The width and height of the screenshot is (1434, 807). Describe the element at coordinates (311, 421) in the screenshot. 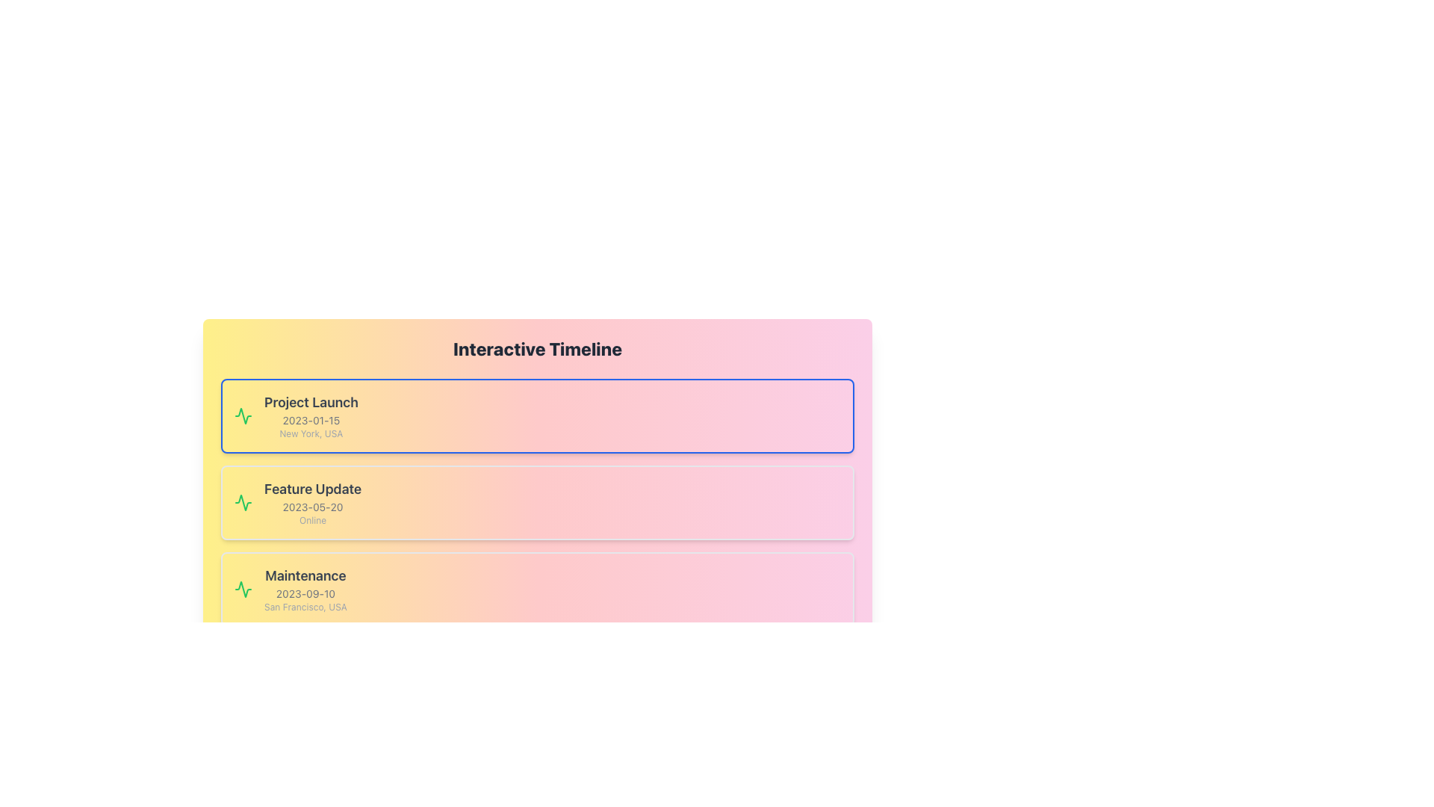

I see `the small gray text label displaying '2023-01-15', which is positioned below the heading 'Project Launch' and above the location descriptor 'New York, USA'` at that location.